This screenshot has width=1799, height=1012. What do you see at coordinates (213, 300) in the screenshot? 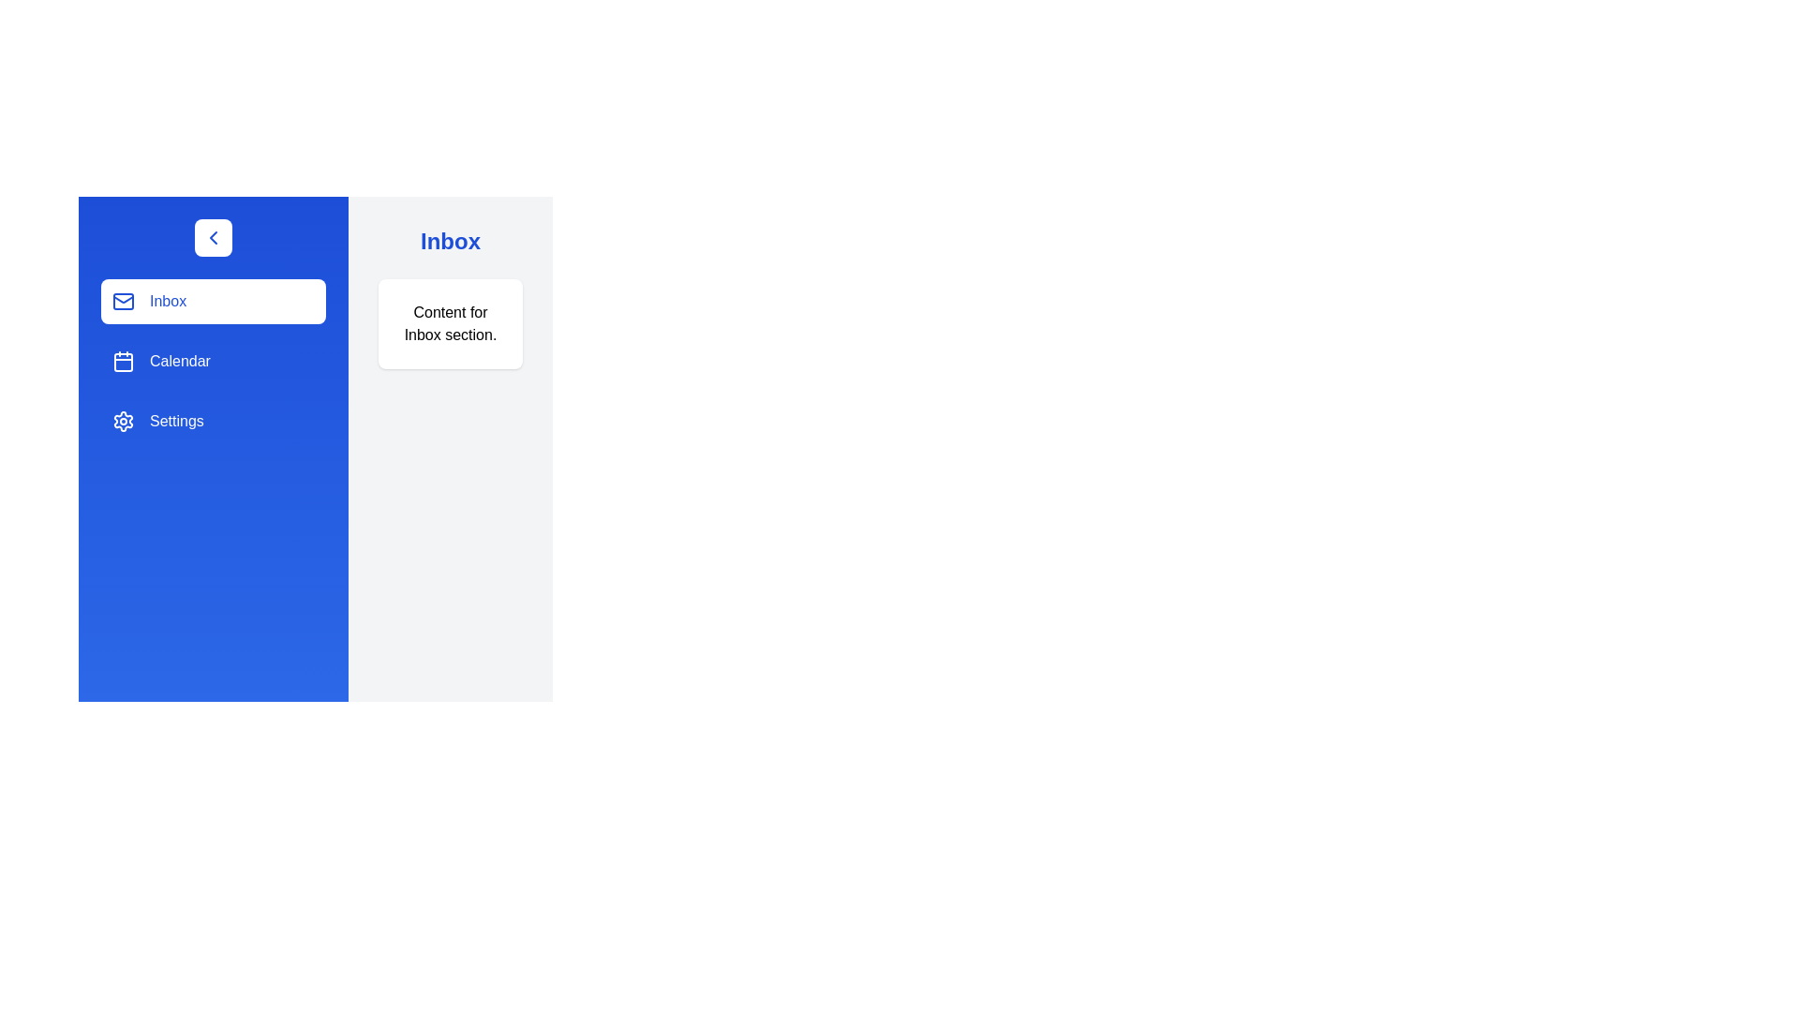
I see `the navigation item Inbox` at bounding box center [213, 300].